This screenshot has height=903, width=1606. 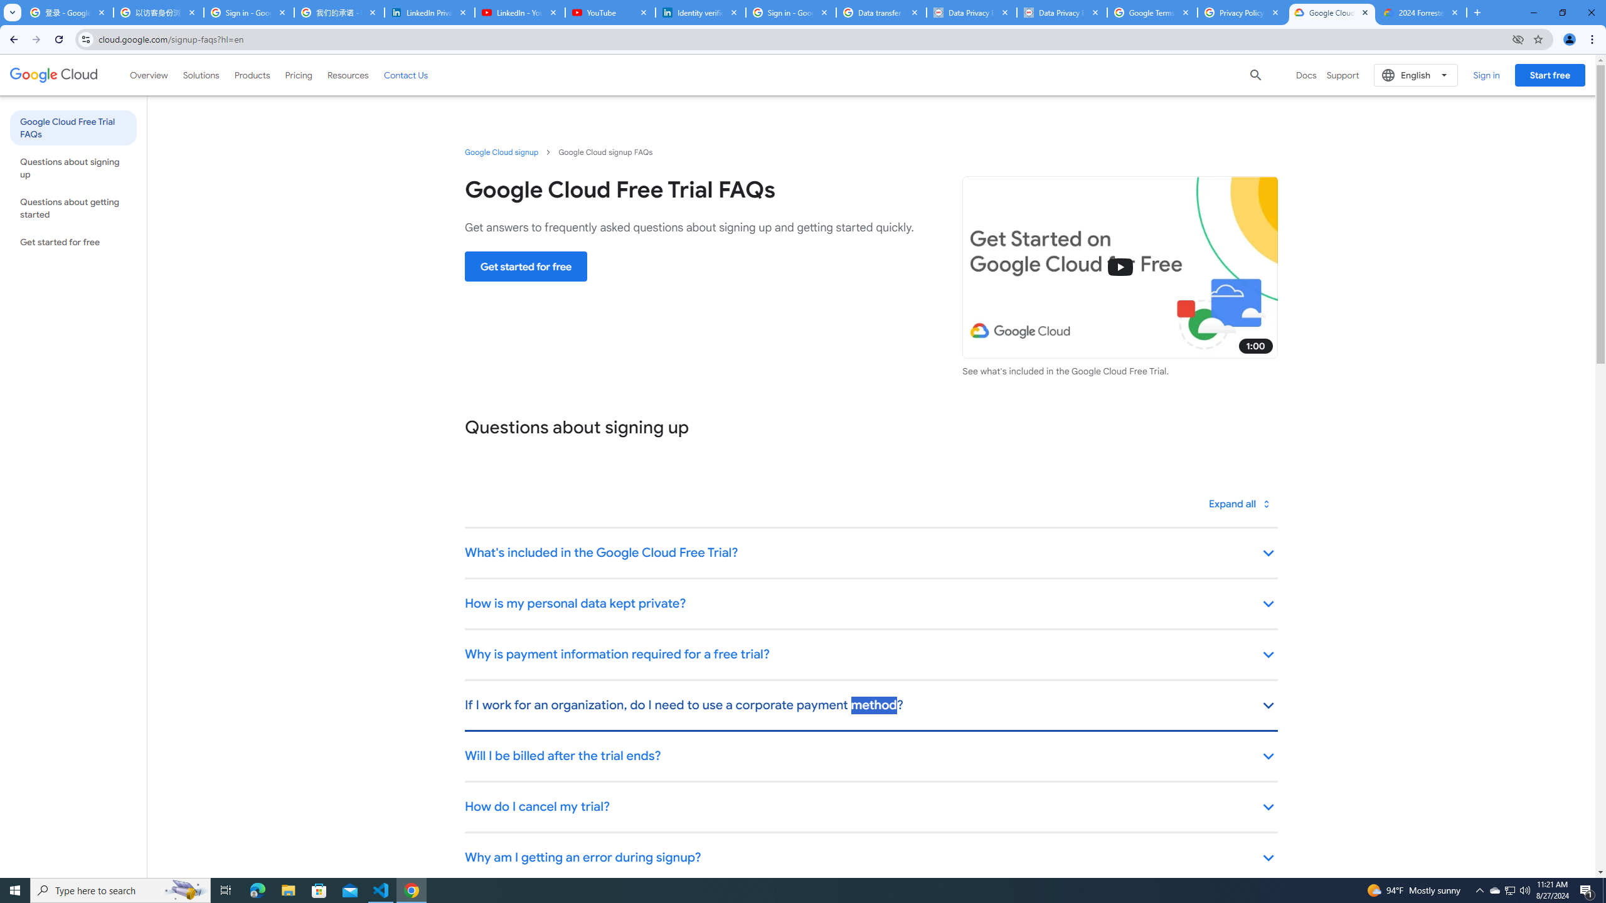 I want to click on 'Support', so click(x=1343, y=74).